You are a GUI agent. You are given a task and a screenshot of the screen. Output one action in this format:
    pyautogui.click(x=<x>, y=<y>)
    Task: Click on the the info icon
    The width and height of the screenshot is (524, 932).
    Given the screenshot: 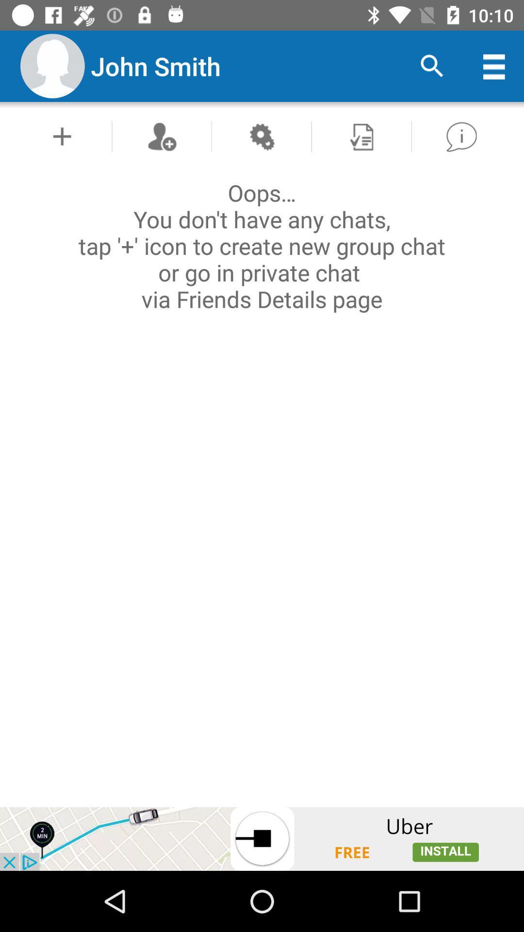 What is the action you would take?
    pyautogui.click(x=461, y=136)
    